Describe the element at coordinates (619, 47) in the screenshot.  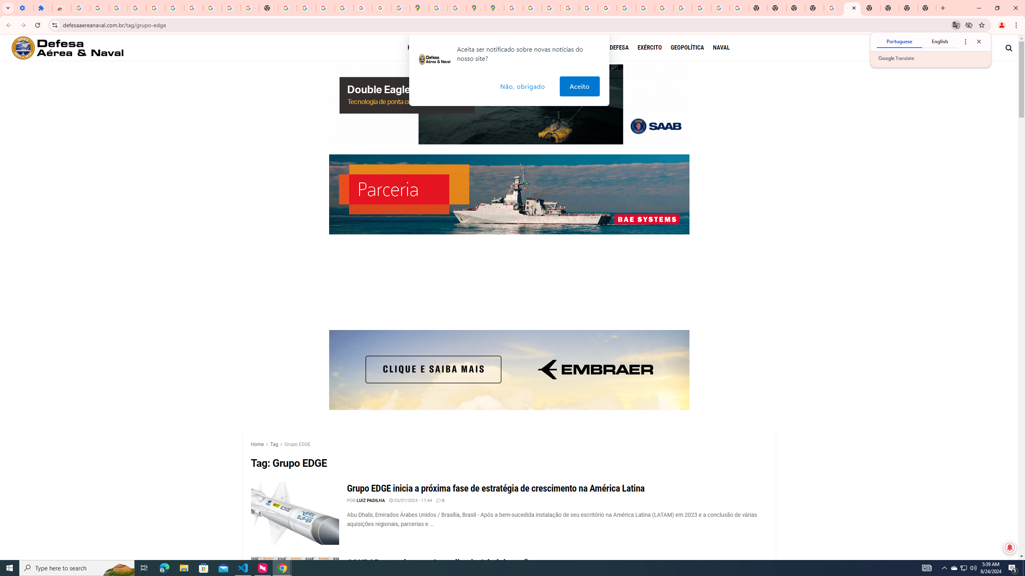
I see `'DEFESA'` at that location.